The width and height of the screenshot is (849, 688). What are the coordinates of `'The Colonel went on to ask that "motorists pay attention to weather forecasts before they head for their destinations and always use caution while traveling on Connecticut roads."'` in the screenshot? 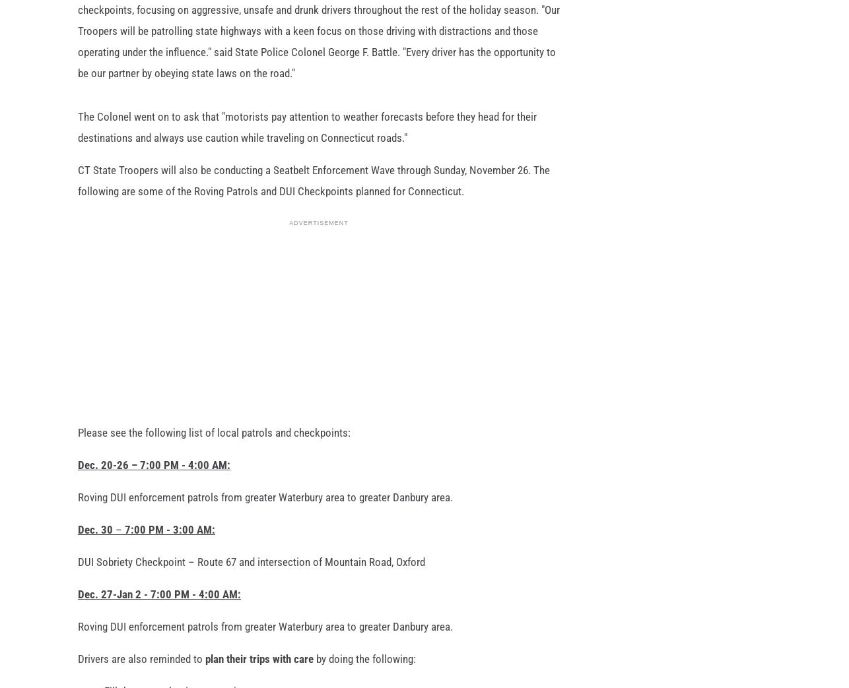 It's located at (306, 136).